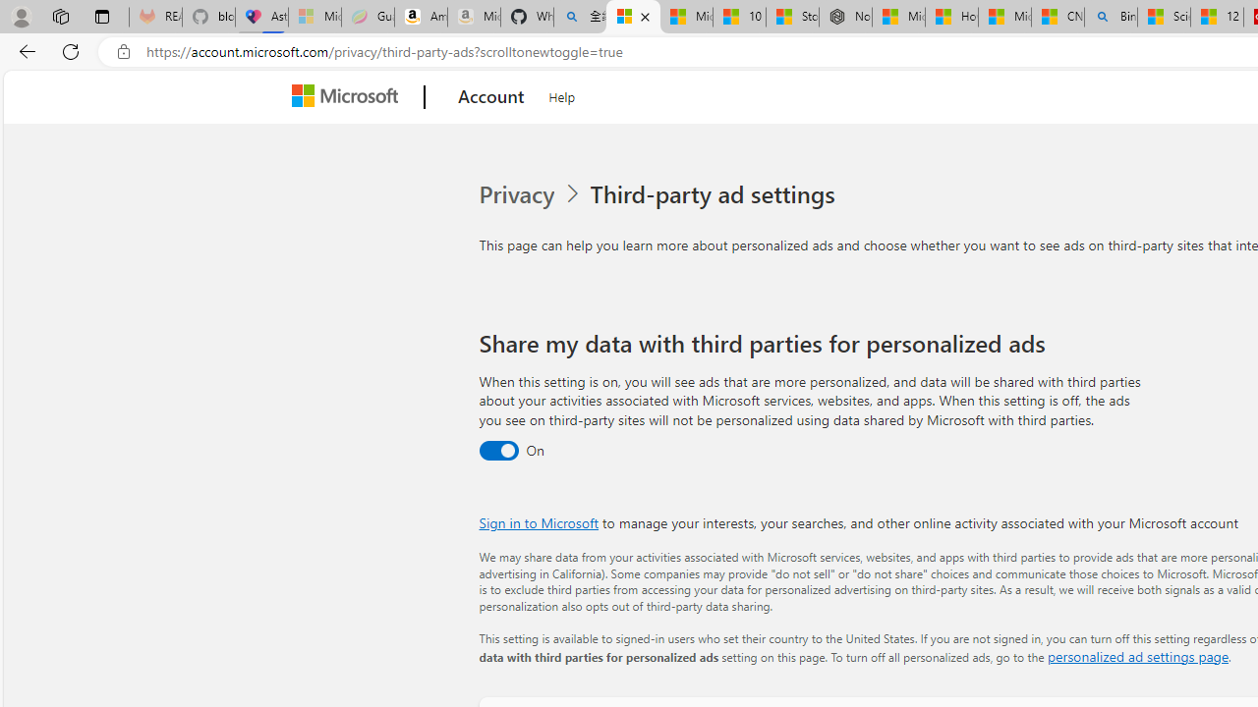  I want to click on 'Refresh', so click(71, 50).